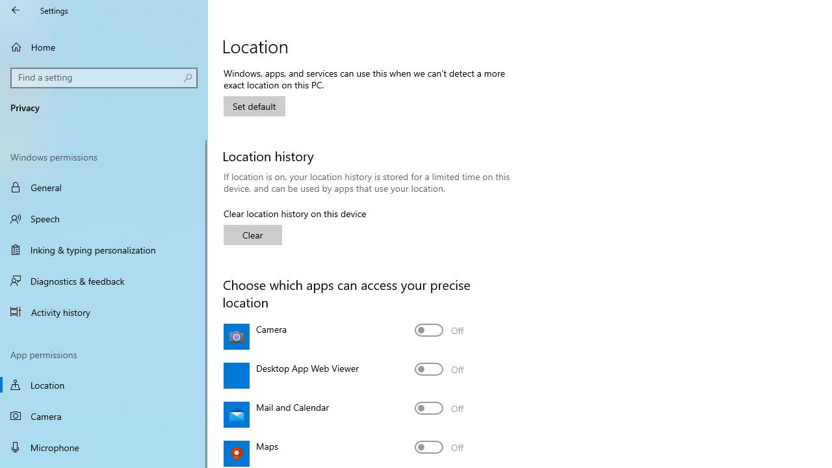 This screenshot has height=468, width=832. What do you see at coordinates (104, 384) in the screenshot?
I see `'Location'` at bounding box center [104, 384].